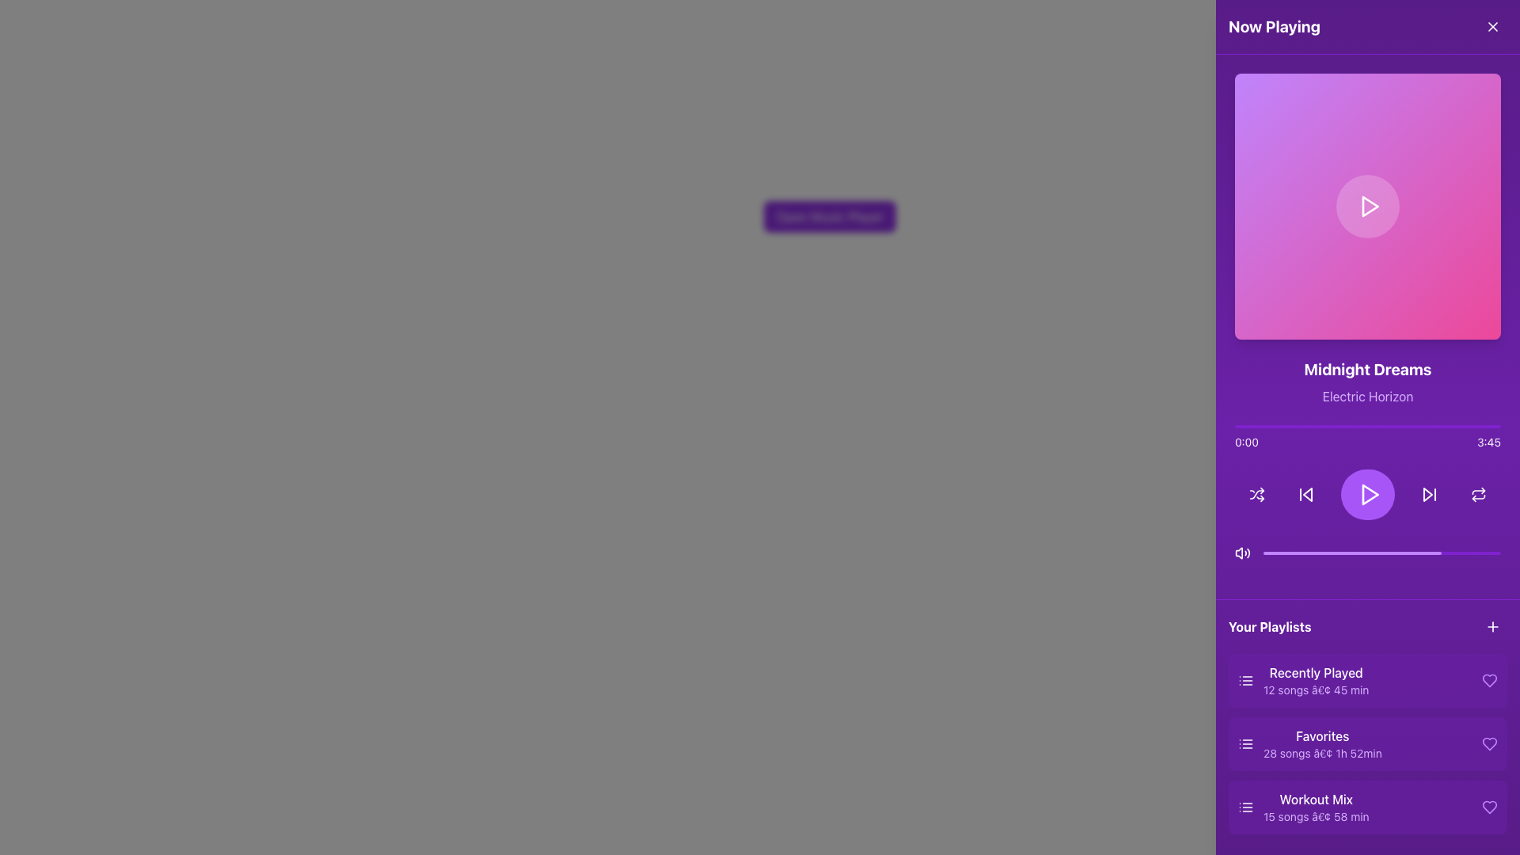 The image size is (1520, 855). I want to click on the playback progress, so click(1473, 552).